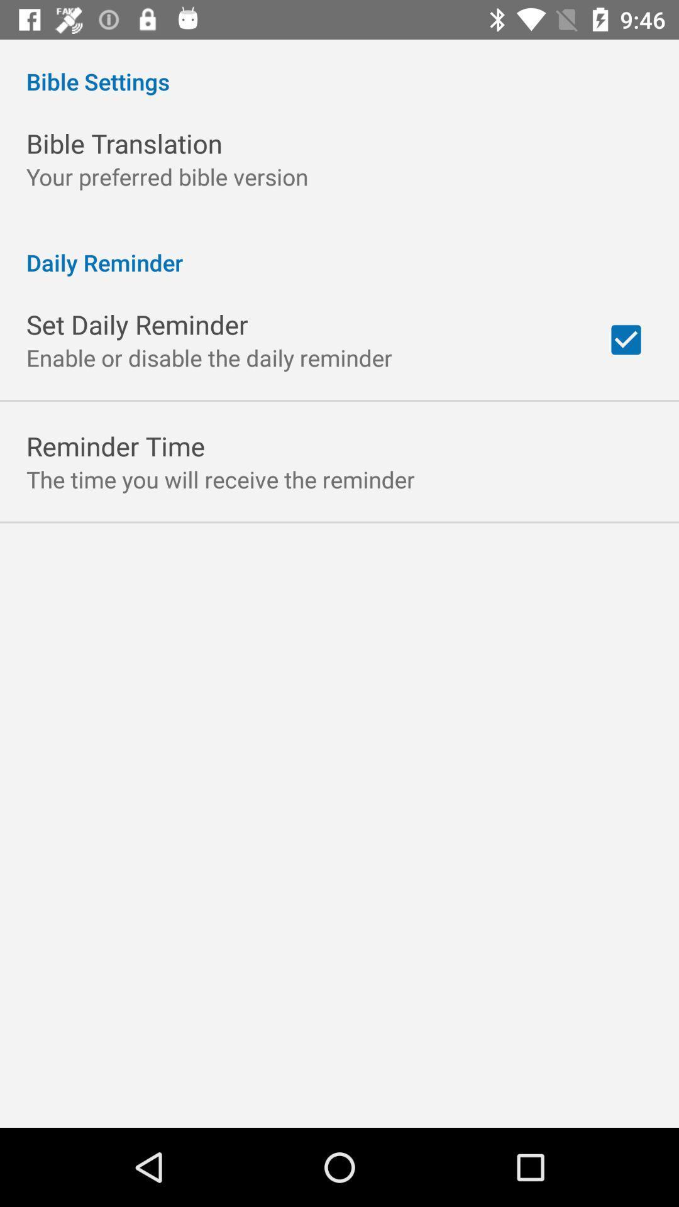 The height and width of the screenshot is (1207, 679). What do you see at coordinates (220, 478) in the screenshot?
I see `icon below the reminder time icon` at bounding box center [220, 478].